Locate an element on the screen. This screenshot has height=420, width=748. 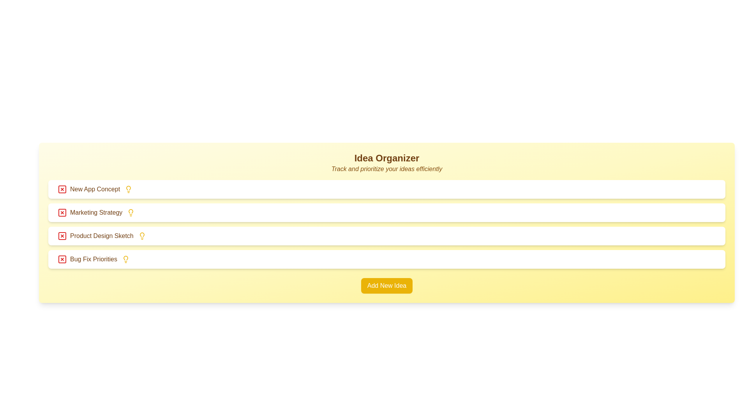
the 'Add New Idea' button to add a new idea is located at coordinates (387, 286).